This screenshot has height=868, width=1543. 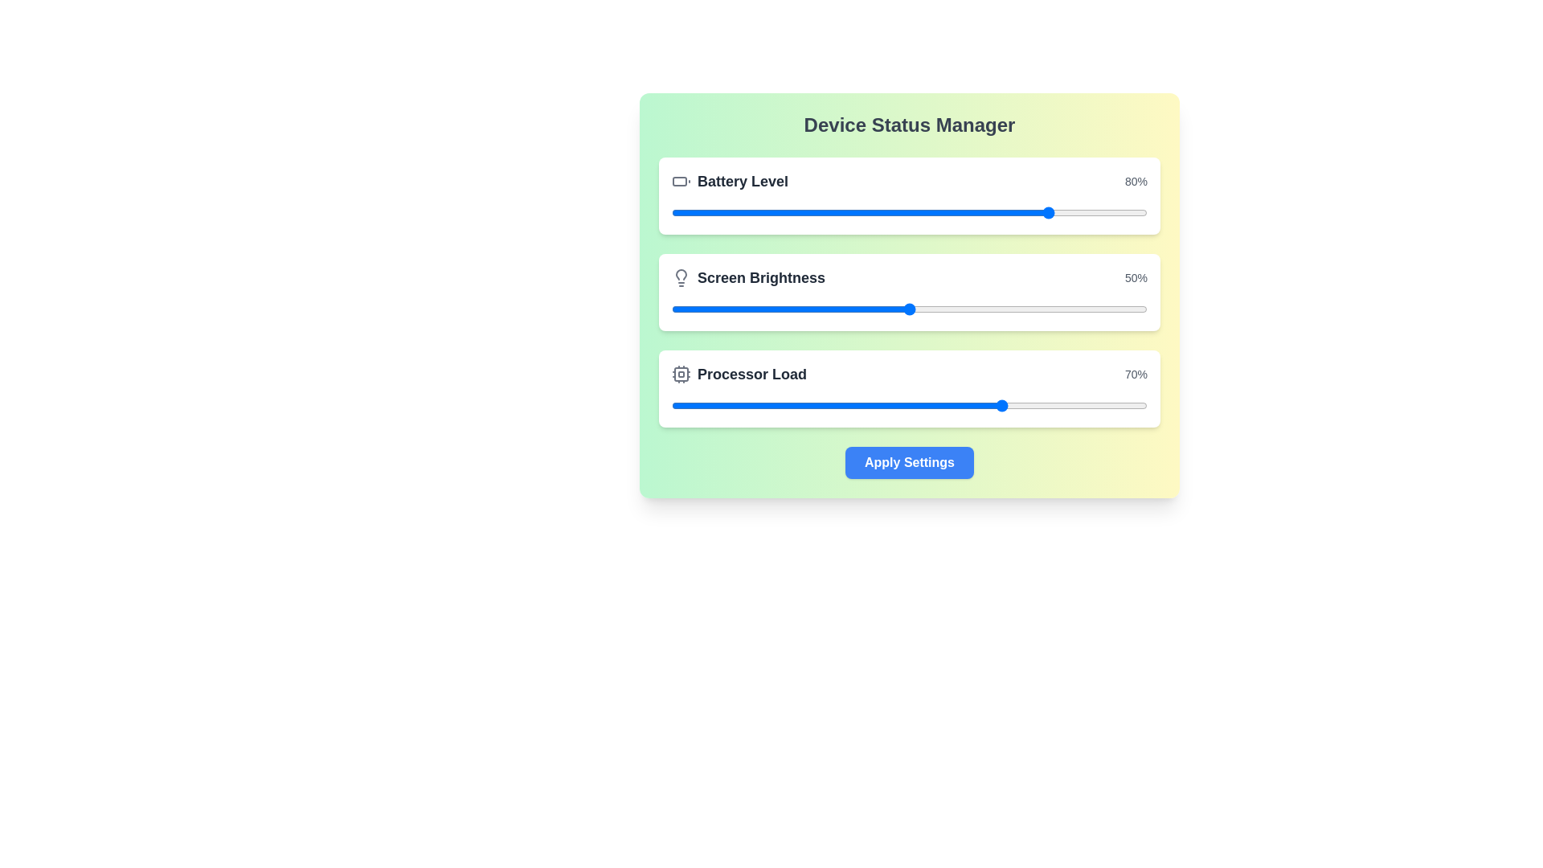 What do you see at coordinates (962, 212) in the screenshot?
I see `the battery level slider` at bounding box center [962, 212].